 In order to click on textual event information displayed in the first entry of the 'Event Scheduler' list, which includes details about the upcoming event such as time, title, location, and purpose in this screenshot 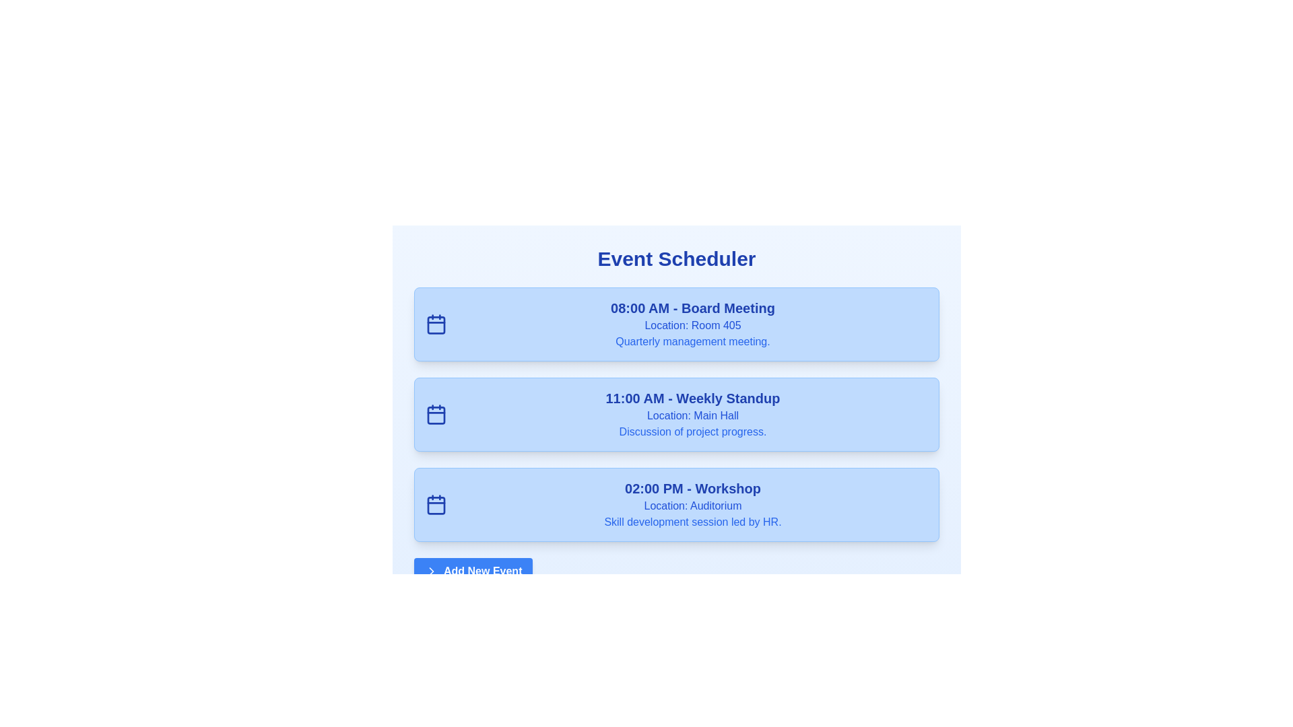, I will do `click(692, 324)`.